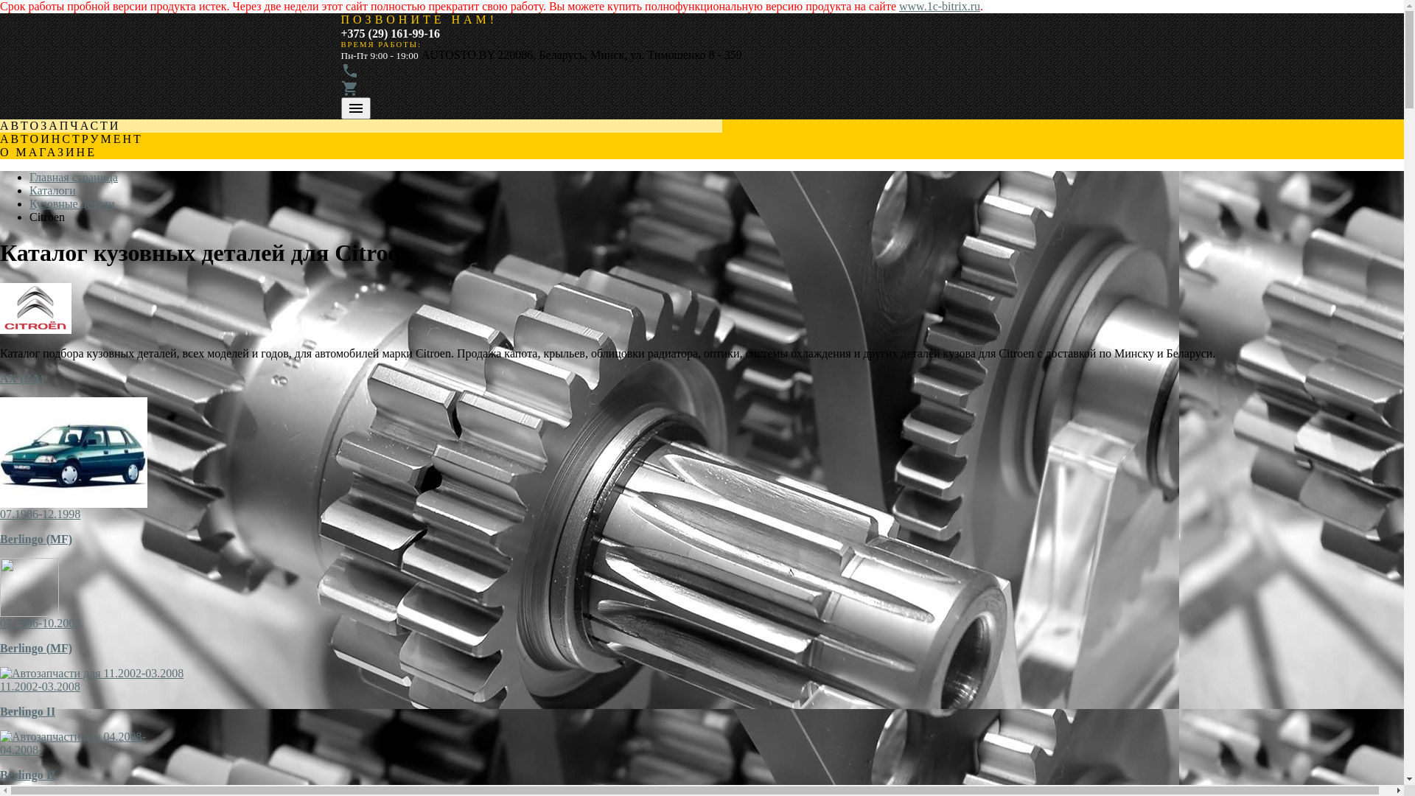  Describe the element at coordinates (349, 93) in the screenshot. I see `'shopping_cart'` at that location.